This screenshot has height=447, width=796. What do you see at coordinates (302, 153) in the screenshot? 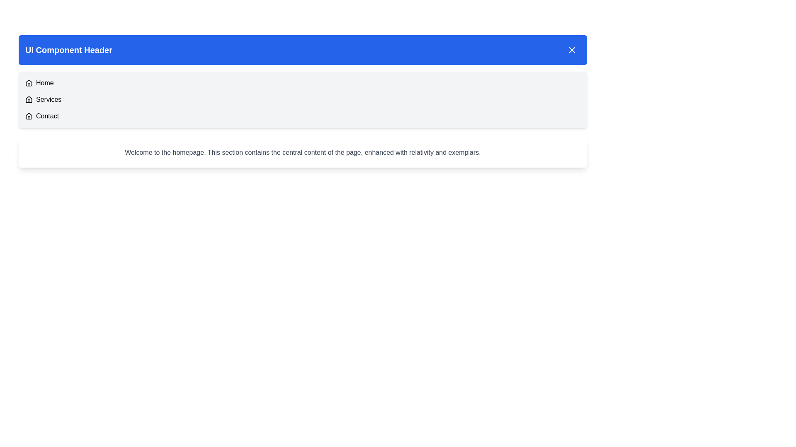
I see `informational text block that contains the message 'Welcome to the homepage. This section contains the central content of the page, enhanced with relativity and exemplars.'` at bounding box center [302, 153].